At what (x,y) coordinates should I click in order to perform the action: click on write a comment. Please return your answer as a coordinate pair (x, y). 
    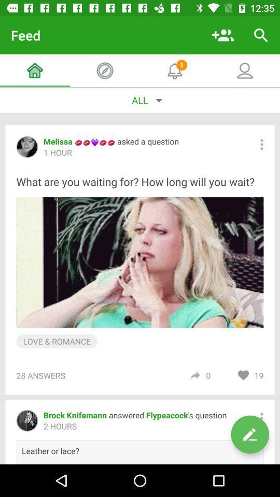
    Looking at the image, I should click on (249, 434).